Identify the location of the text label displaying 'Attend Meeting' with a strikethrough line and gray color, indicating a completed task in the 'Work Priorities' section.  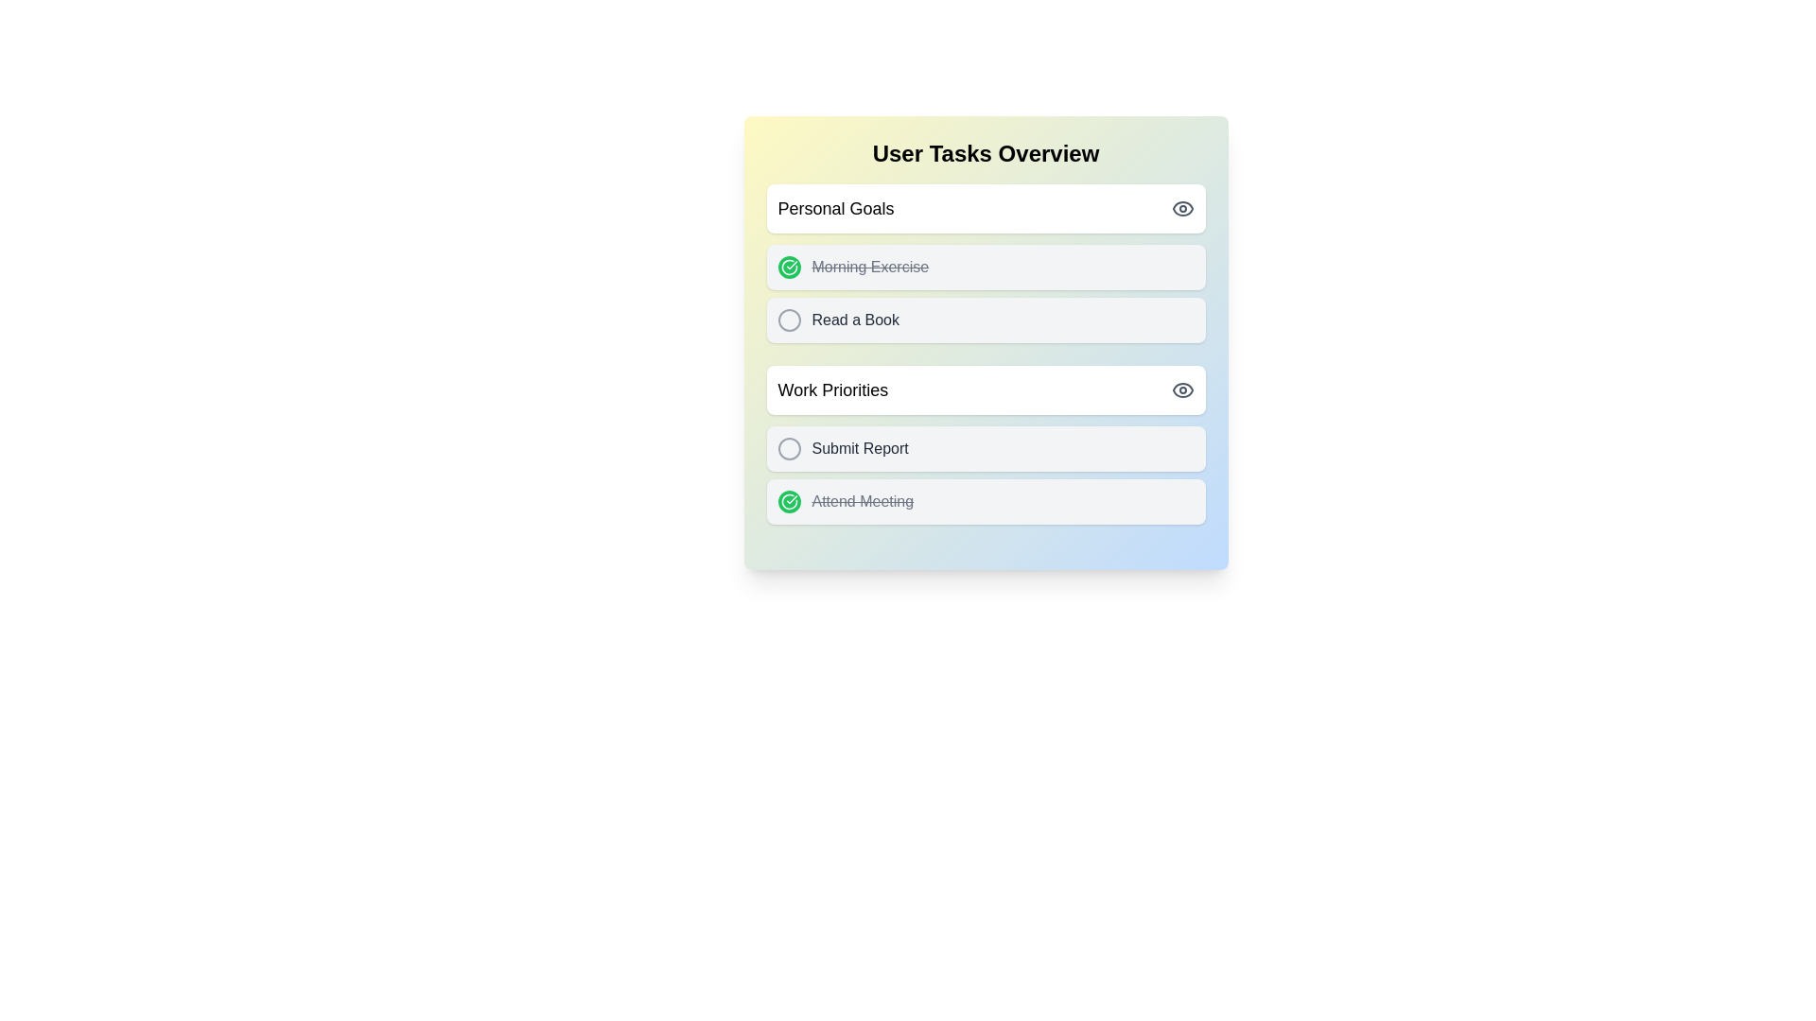
(862, 501).